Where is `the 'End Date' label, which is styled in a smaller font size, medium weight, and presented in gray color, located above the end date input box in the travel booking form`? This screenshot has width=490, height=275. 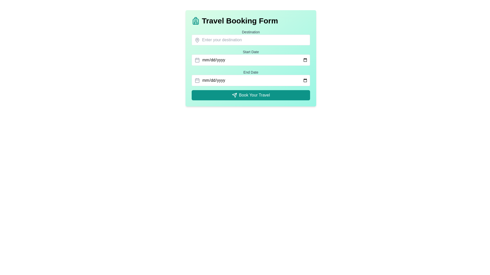 the 'End Date' label, which is styled in a smaller font size, medium weight, and presented in gray color, located above the end date input box in the travel booking form is located at coordinates (251, 72).